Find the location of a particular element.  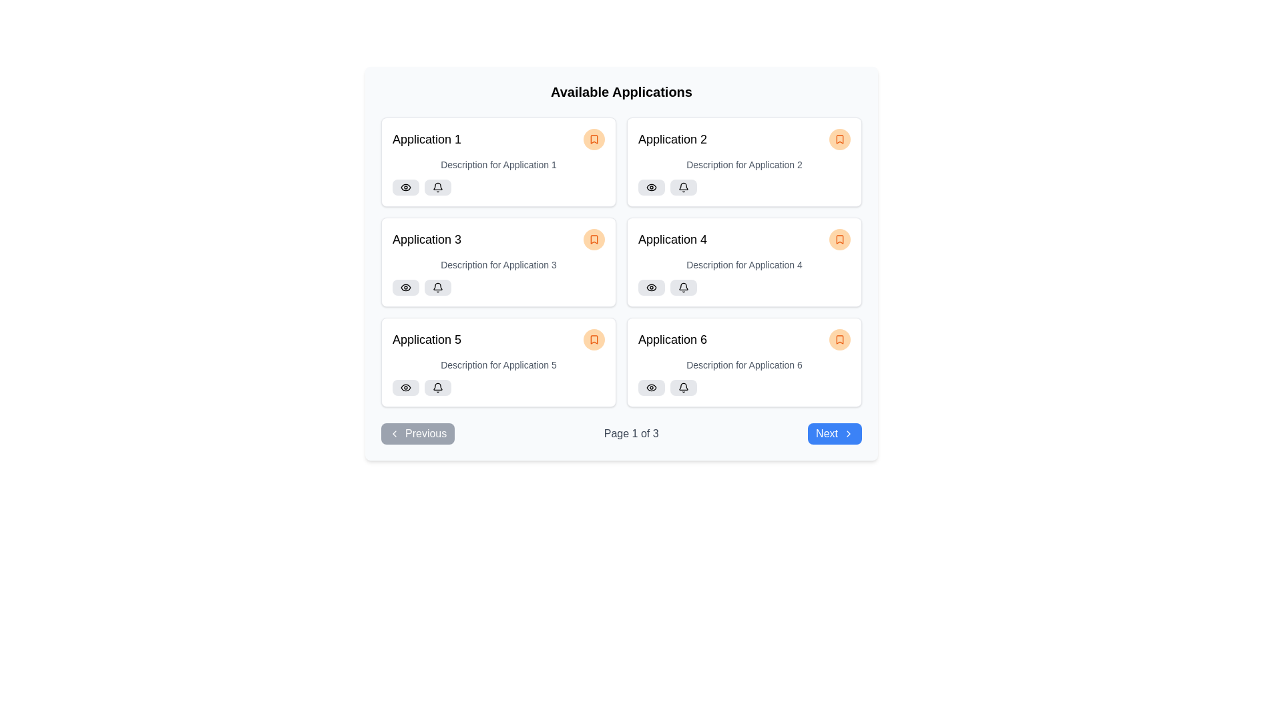

the Interactive Card displaying 'Application 1' with a white background and an orange bookmark icon located at the top-left corner of the grid layout is located at coordinates (498, 162).